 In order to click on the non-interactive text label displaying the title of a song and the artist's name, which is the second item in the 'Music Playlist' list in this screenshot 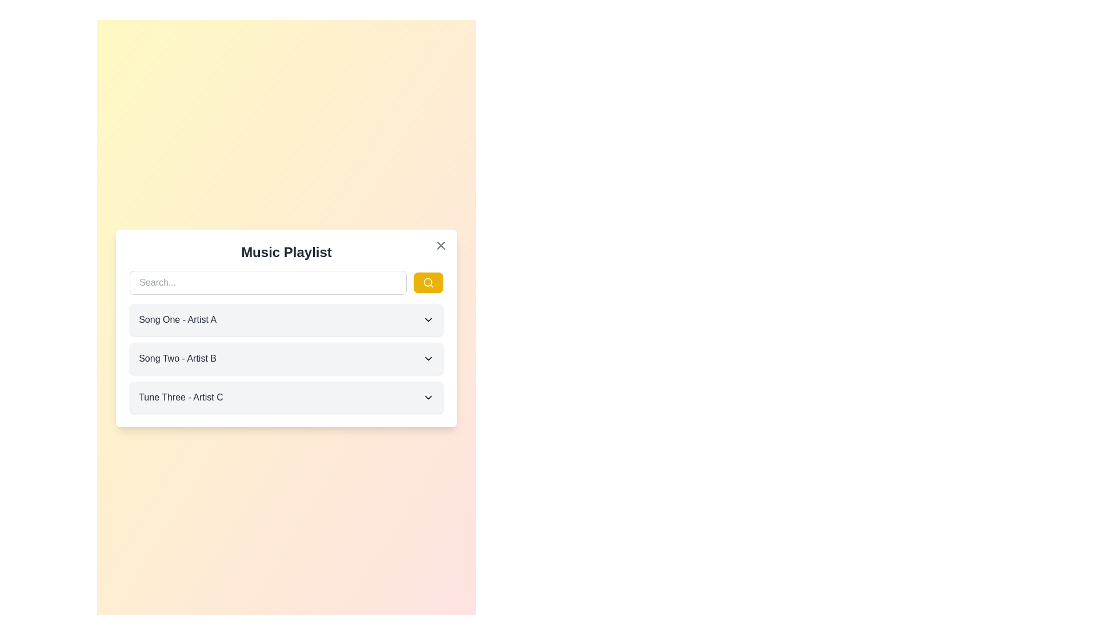, I will do `click(177, 358)`.